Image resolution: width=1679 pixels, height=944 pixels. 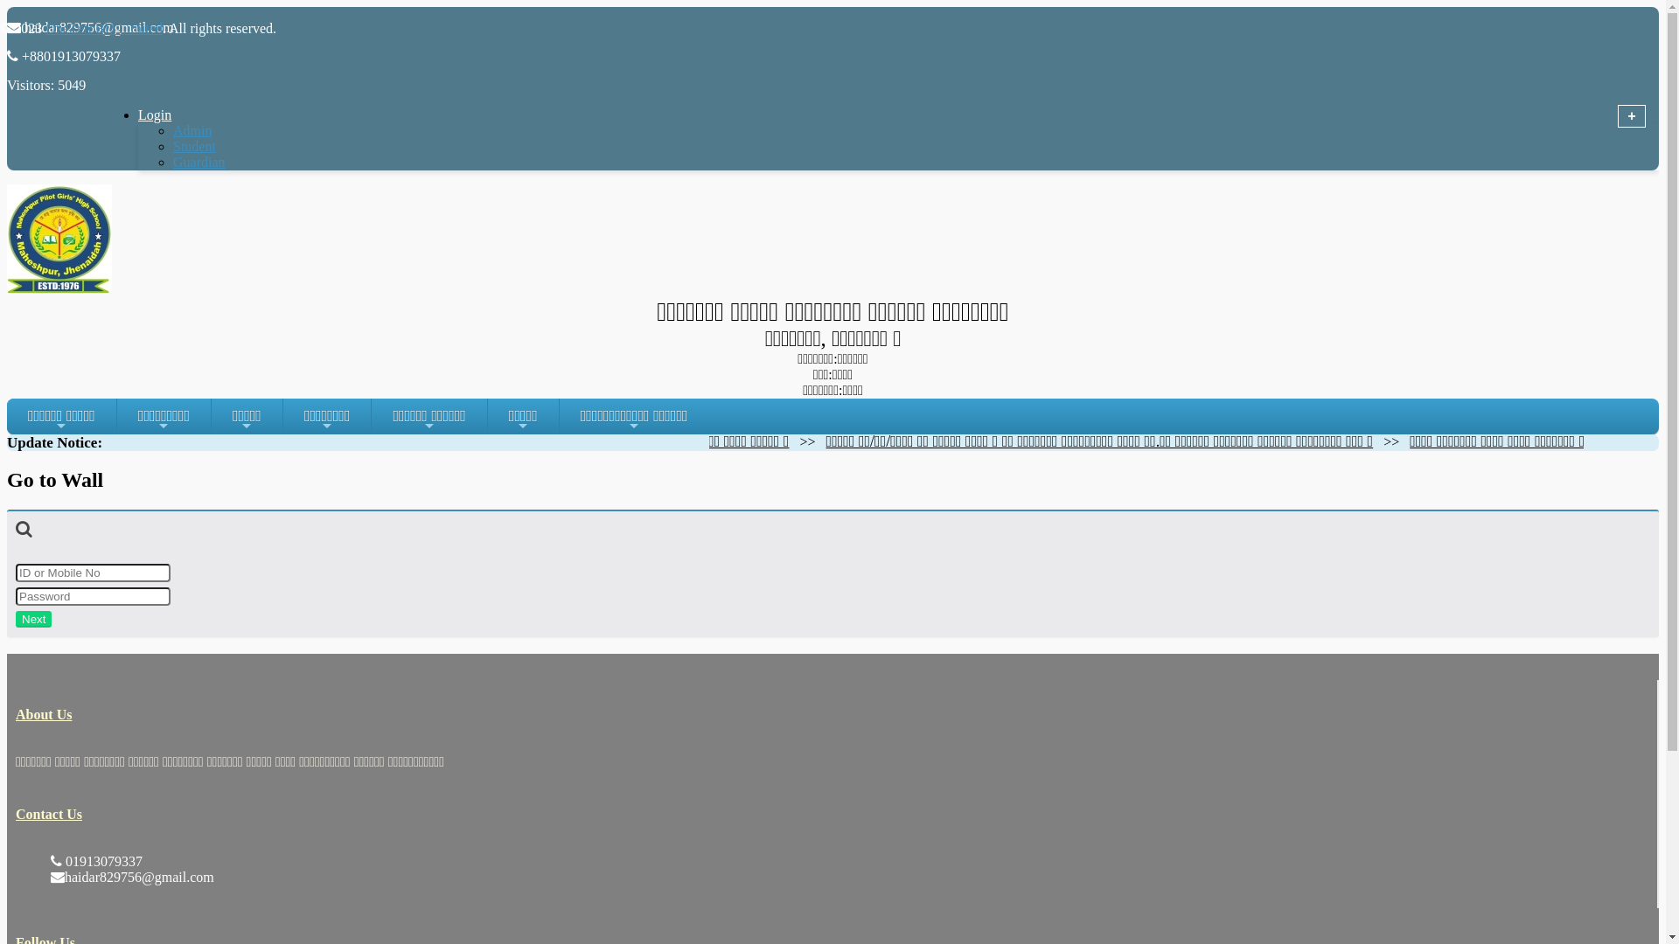 What do you see at coordinates (176, 115) in the screenshot?
I see `'Login'` at bounding box center [176, 115].